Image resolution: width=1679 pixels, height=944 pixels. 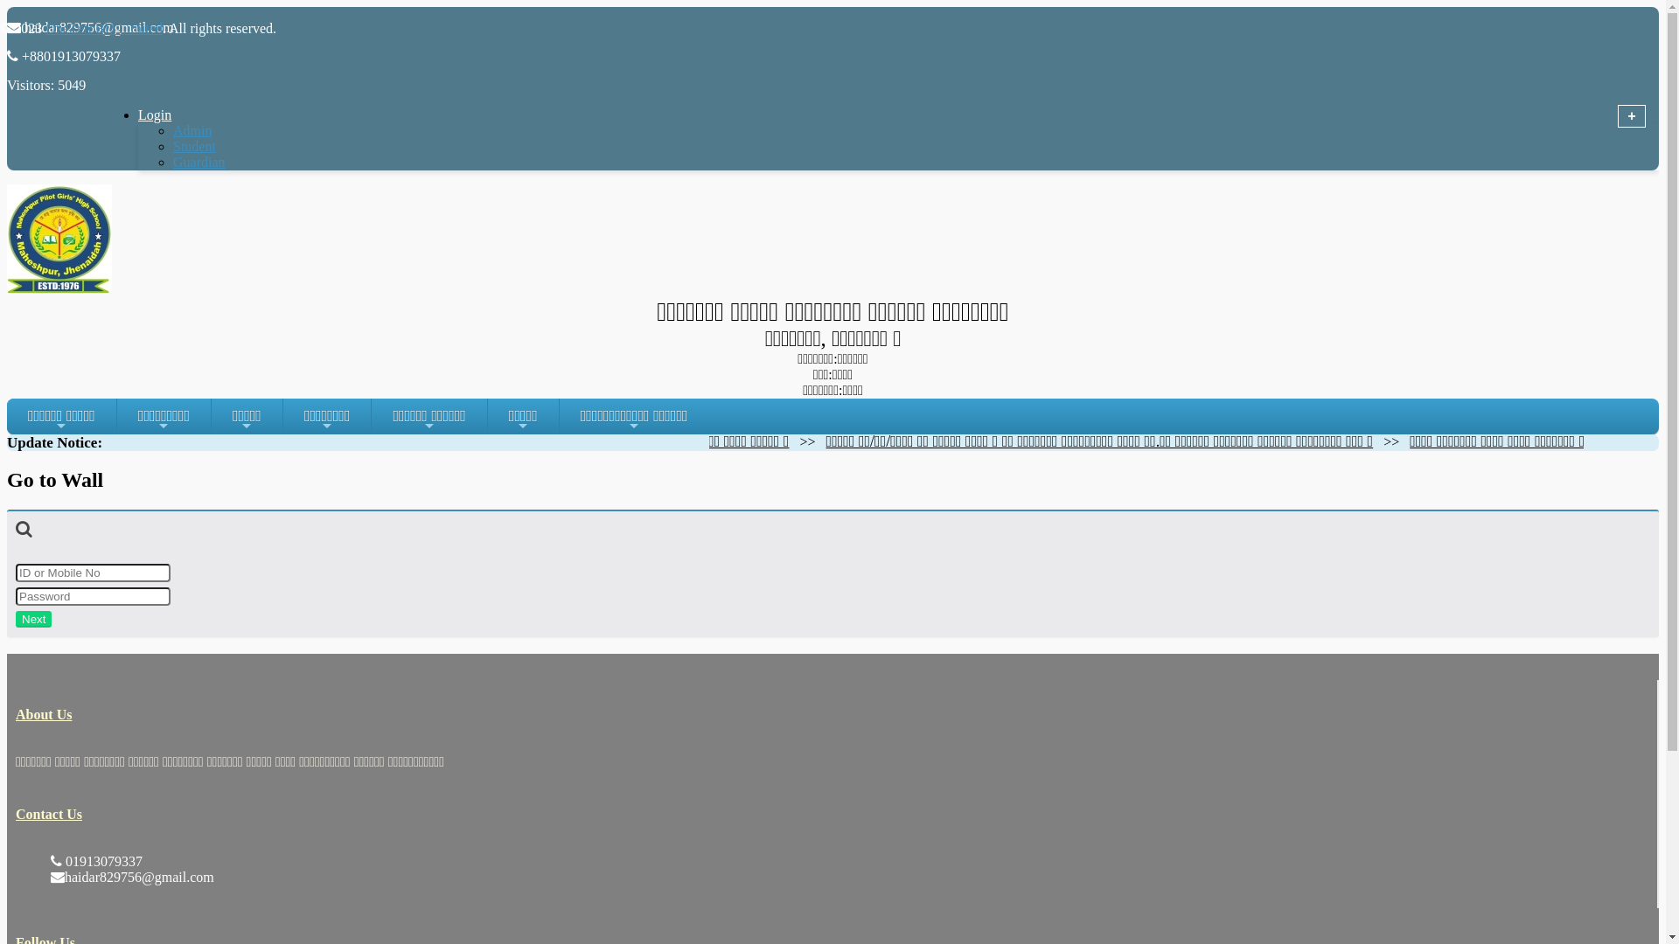 What do you see at coordinates (176, 115) in the screenshot?
I see `'Login'` at bounding box center [176, 115].